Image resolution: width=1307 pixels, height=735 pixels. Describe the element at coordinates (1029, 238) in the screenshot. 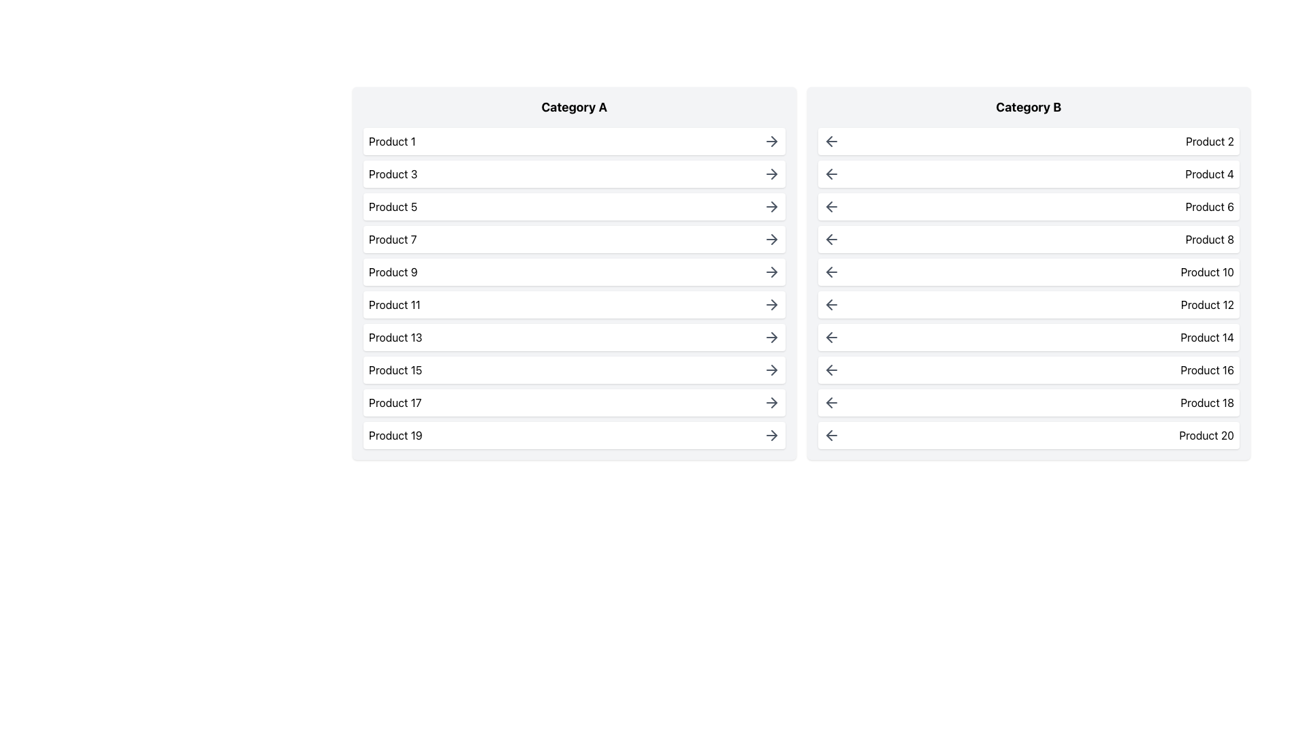

I see `the fourth list item labeled 'Product 8' in the 'Category B' column` at that location.